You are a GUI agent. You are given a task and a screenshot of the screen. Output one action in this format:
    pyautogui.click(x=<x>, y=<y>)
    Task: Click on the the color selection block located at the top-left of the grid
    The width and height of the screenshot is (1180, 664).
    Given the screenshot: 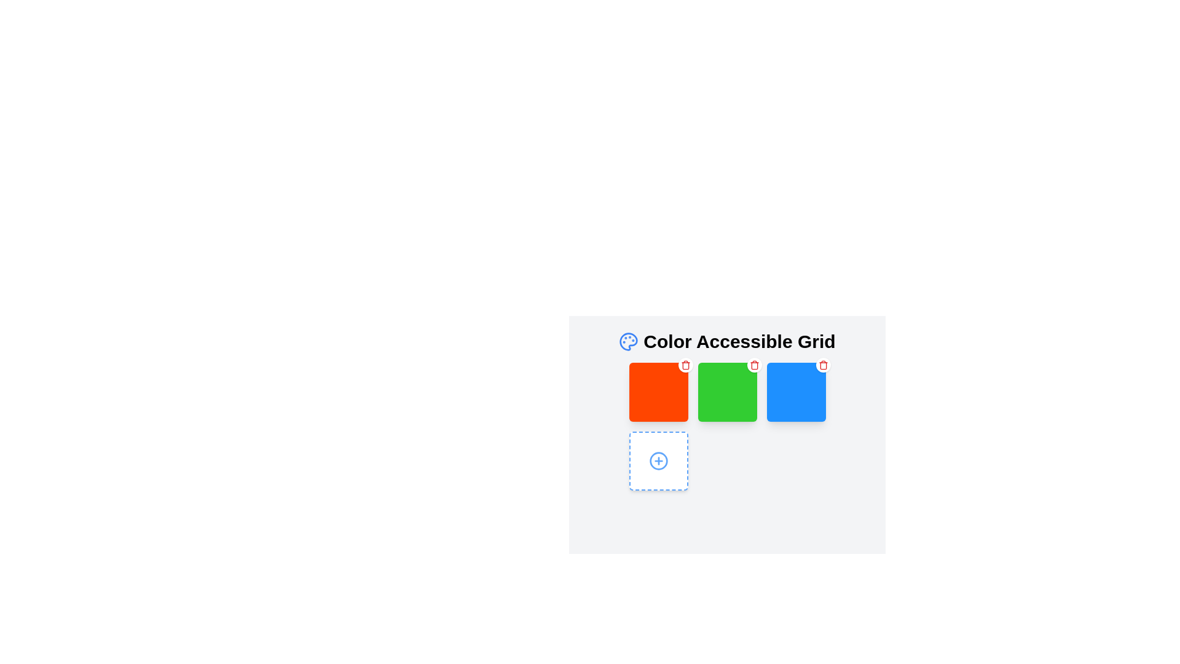 What is the action you would take?
    pyautogui.click(x=658, y=392)
    